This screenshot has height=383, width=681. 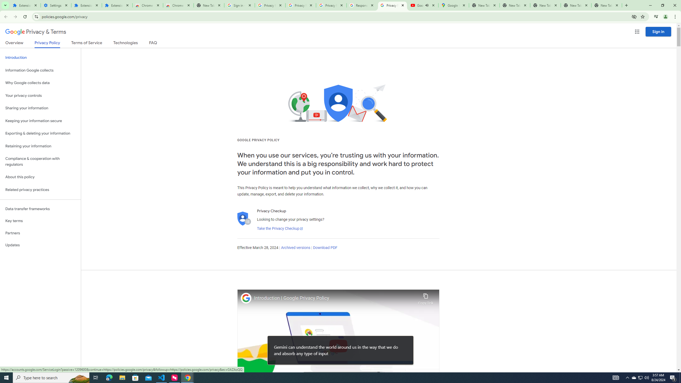 I want to click on 'Settings', so click(x=55, y=5).